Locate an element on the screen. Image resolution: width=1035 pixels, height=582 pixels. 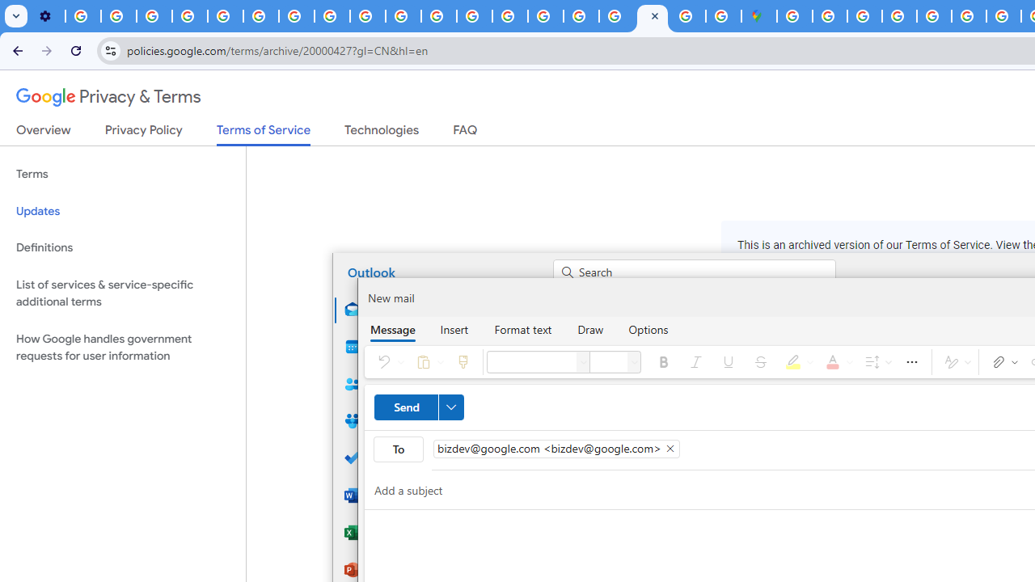
'Message' is located at coordinates (392, 328).